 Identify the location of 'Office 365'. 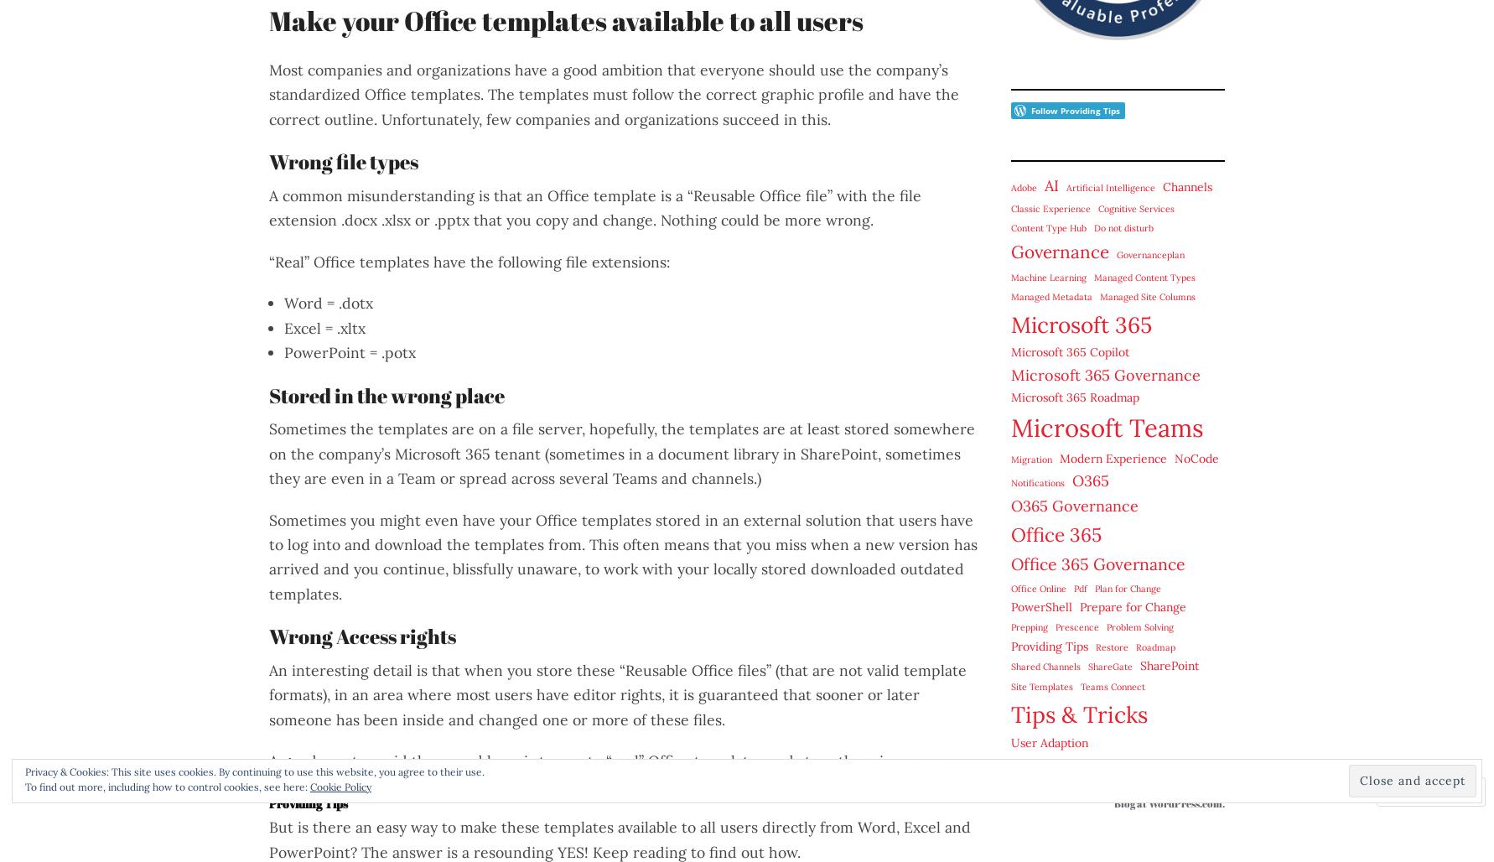
(1010, 533).